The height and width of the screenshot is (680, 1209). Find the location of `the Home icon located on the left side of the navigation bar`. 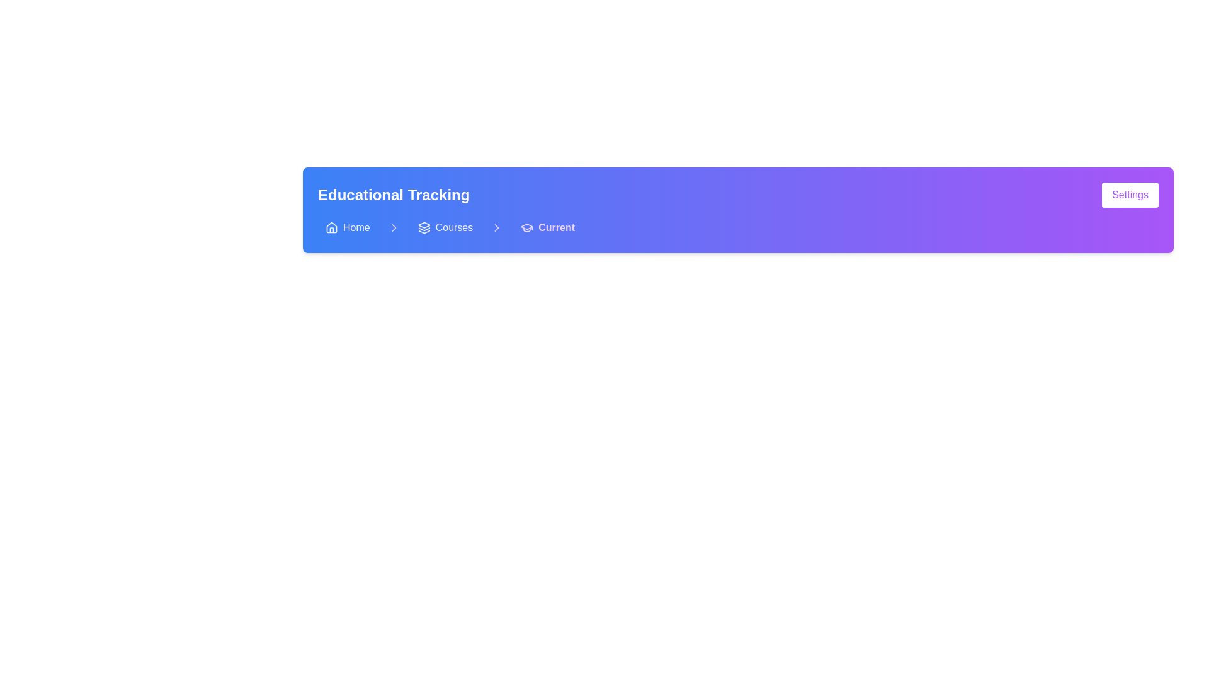

the Home icon located on the left side of the navigation bar is located at coordinates (332, 228).